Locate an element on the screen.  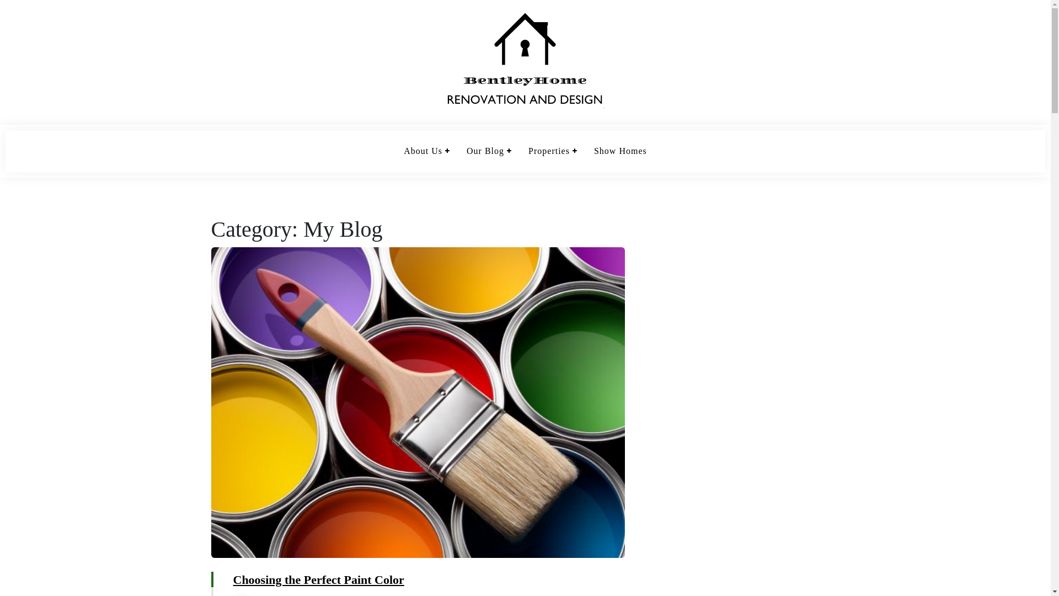
'Show Homes' is located at coordinates (582, 151).